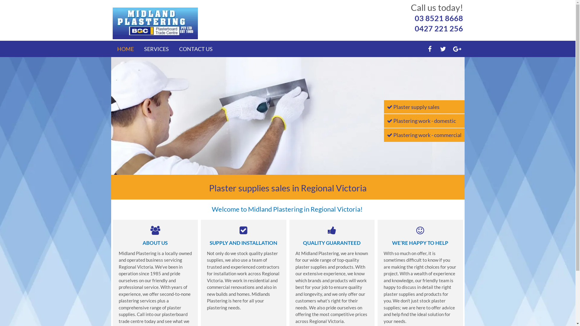  Describe the element at coordinates (156, 49) in the screenshot. I see `'SERVICES'` at that location.